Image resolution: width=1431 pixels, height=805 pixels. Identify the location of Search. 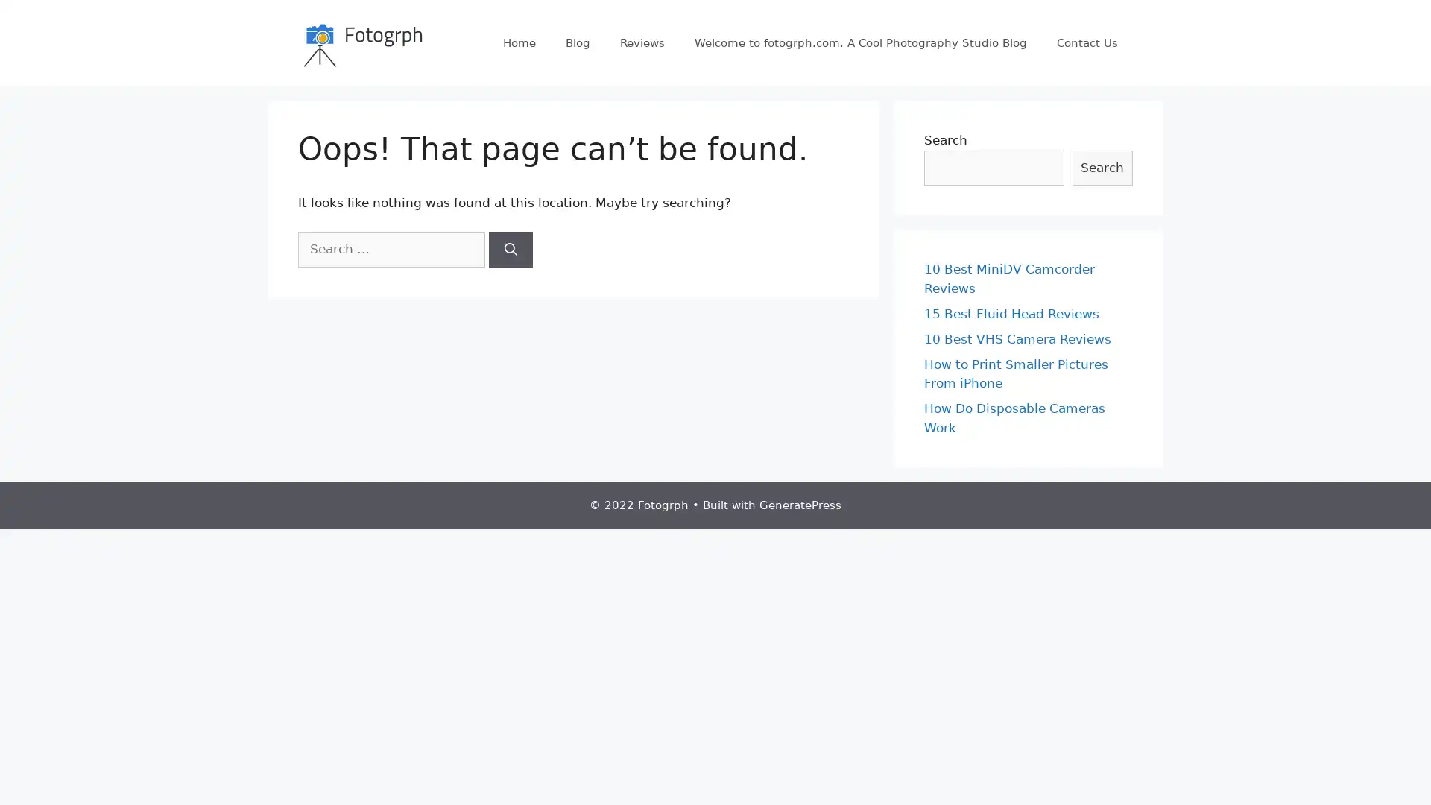
(1102, 167).